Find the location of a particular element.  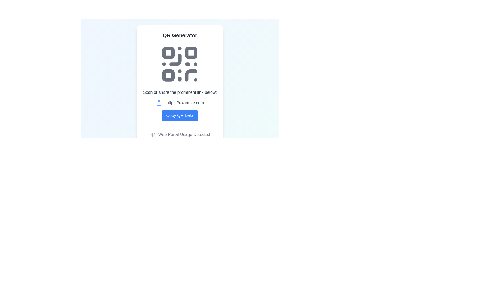

the text display area for a URL that is located below the label 'Scan or share the prominent link below:' and above the 'Copy QR Data' button is located at coordinates (180, 103).